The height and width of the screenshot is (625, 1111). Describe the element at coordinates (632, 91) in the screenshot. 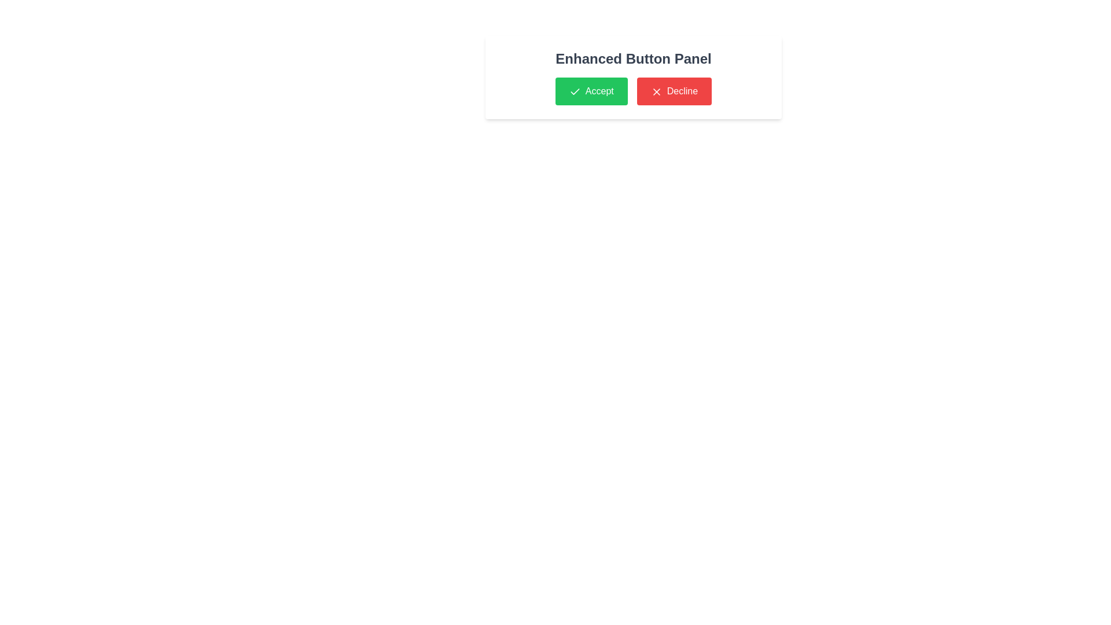

I see `the Button group containing two buttons below the 'Enhanced Button Panel' heading` at that location.